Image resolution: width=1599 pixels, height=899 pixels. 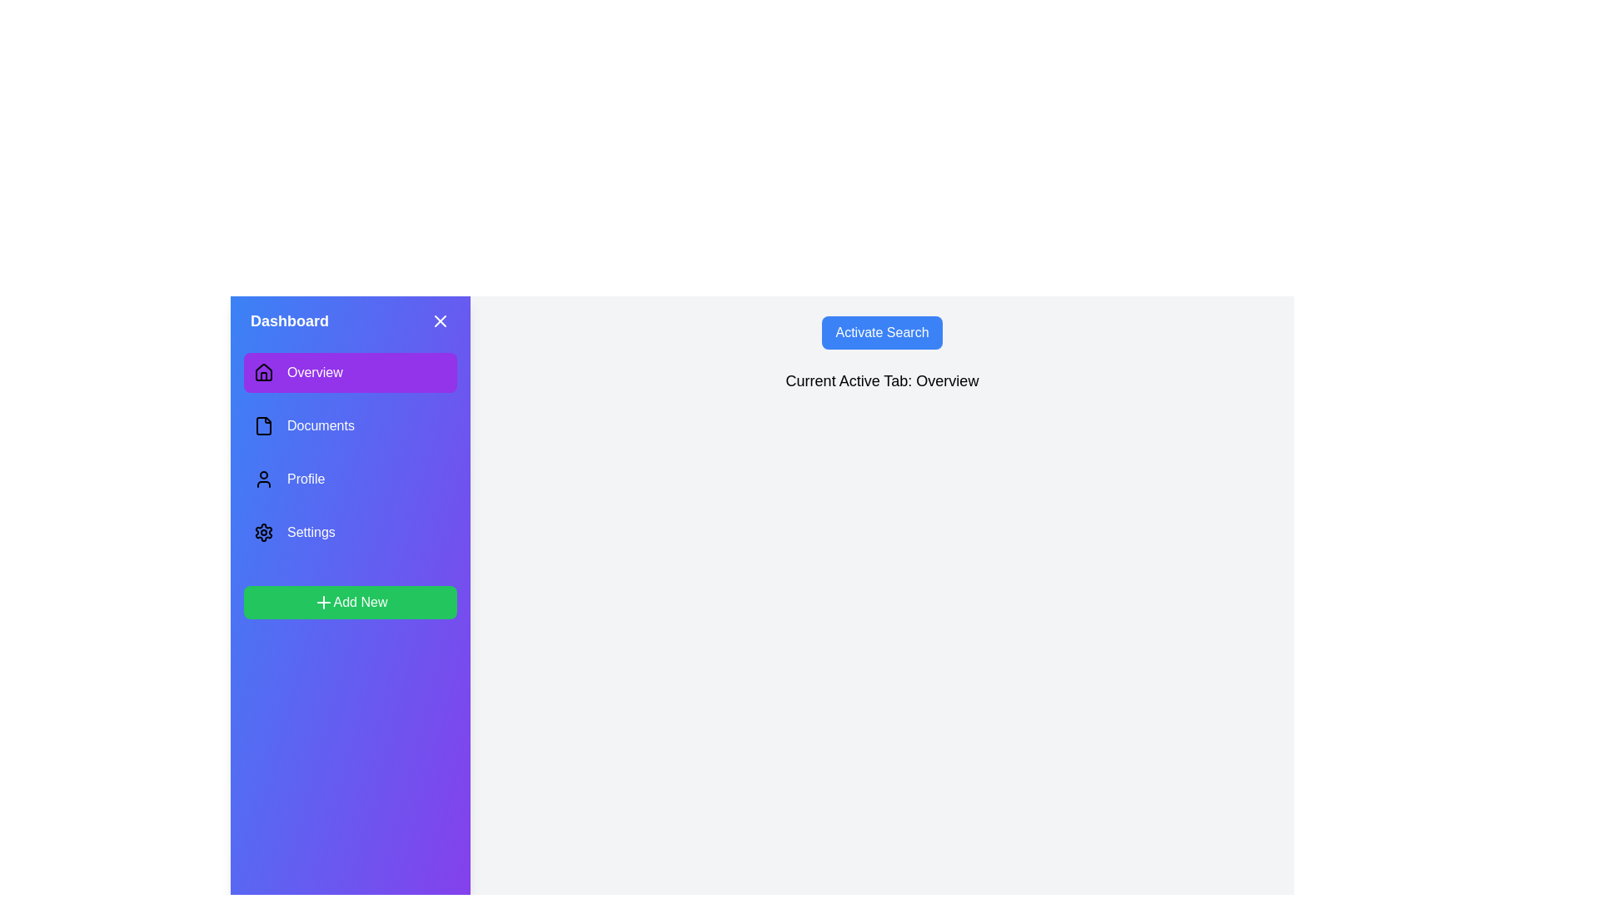 What do you see at coordinates (262, 533) in the screenshot?
I see `the settings icon located in the left-hand blue menu pane, positioned as the fourth item beneath the 'Profile' item` at bounding box center [262, 533].